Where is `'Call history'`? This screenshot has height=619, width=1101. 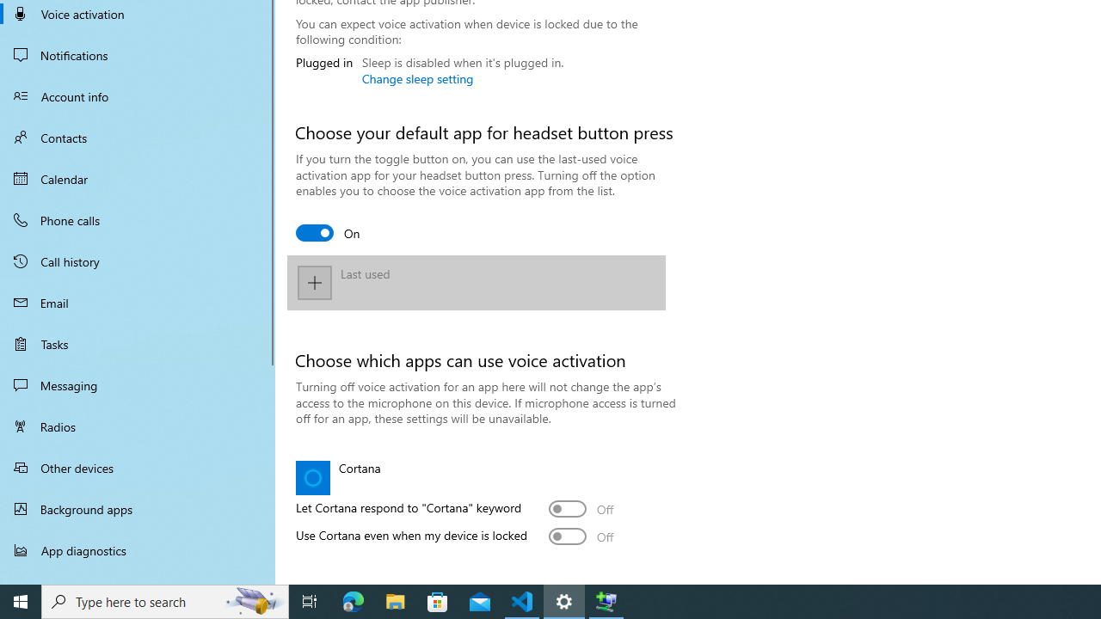
'Call history' is located at coordinates (138, 261).